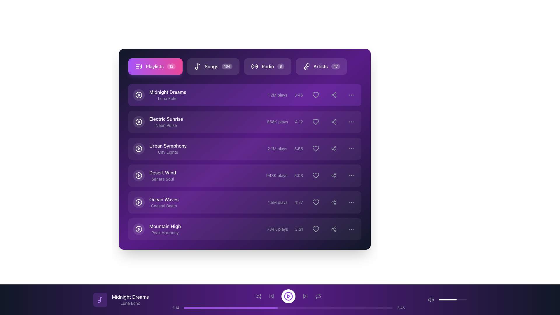  Describe the element at coordinates (299, 202) in the screenshot. I see `the text label displaying the duration of the song track, located in the fifth row of the playlist panel, between the play count text and the heart-shaped icon` at that location.